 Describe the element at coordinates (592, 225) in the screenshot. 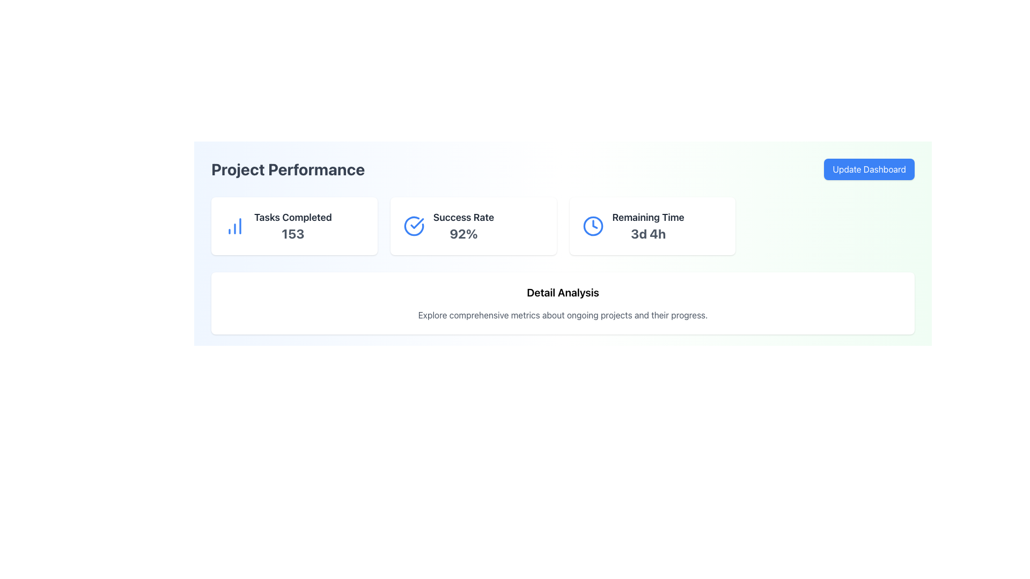

I see `the 'Remaining Time' icon, which symbolizes the remaining time in the Project Performance section, as it may function as a button in certain contexts` at that location.